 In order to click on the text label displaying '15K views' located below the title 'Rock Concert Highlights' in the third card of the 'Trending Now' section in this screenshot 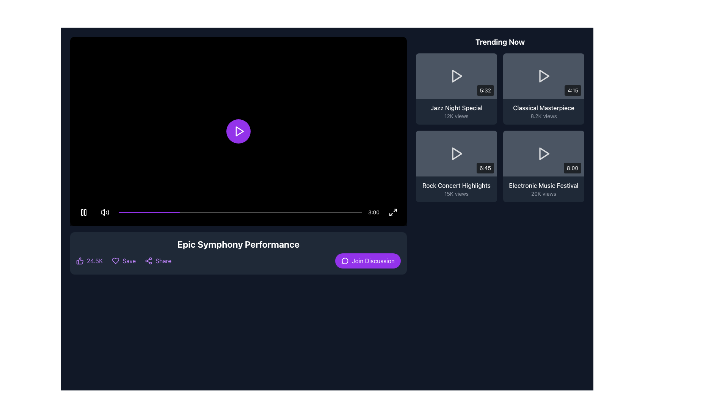, I will do `click(456, 193)`.